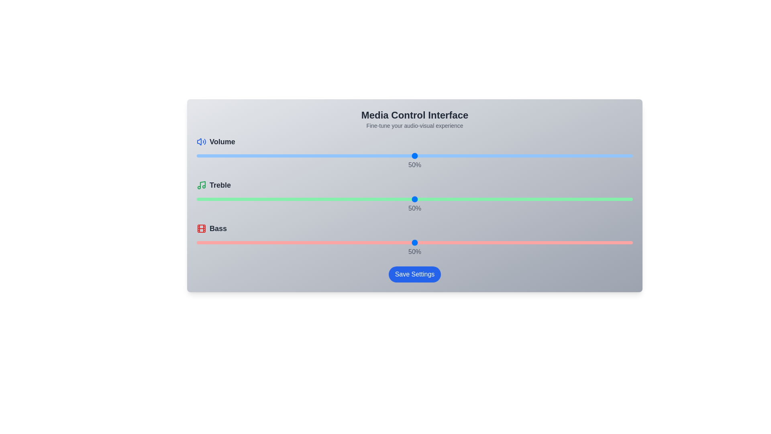  Describe the element at coordinates (202, 141) in the screenshot. I see `the decorative volume control icon located next to the 'Volume' label in the top-left section of the interface` at that location.